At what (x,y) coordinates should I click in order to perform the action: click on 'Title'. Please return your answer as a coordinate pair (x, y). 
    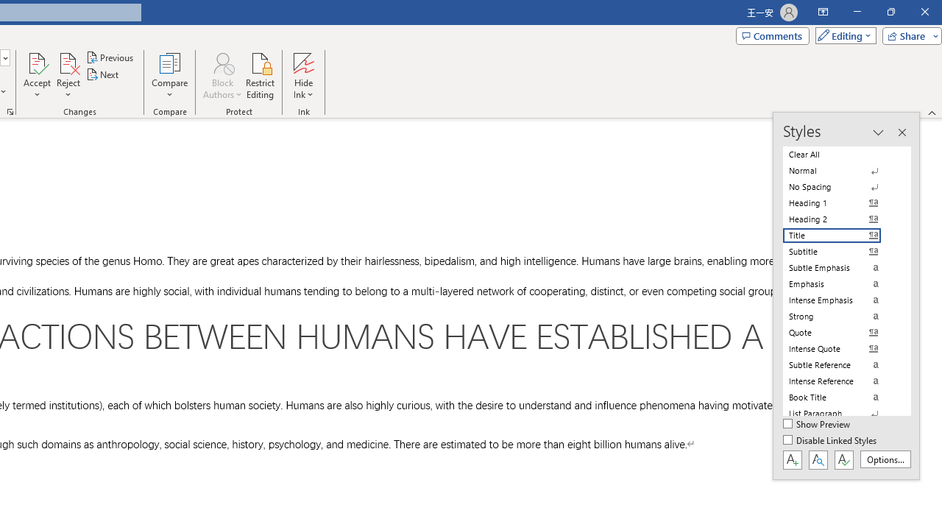
    Looking at the image, I should click on (840, 235).